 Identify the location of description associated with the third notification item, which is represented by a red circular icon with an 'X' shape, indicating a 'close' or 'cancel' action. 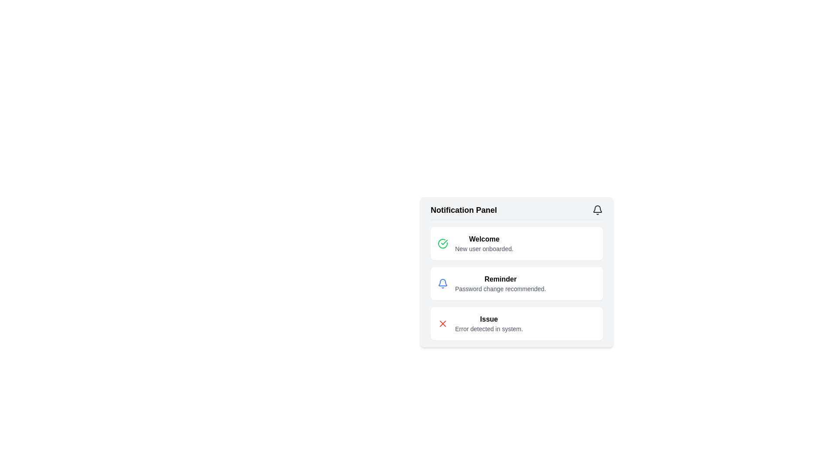
(443, 324).